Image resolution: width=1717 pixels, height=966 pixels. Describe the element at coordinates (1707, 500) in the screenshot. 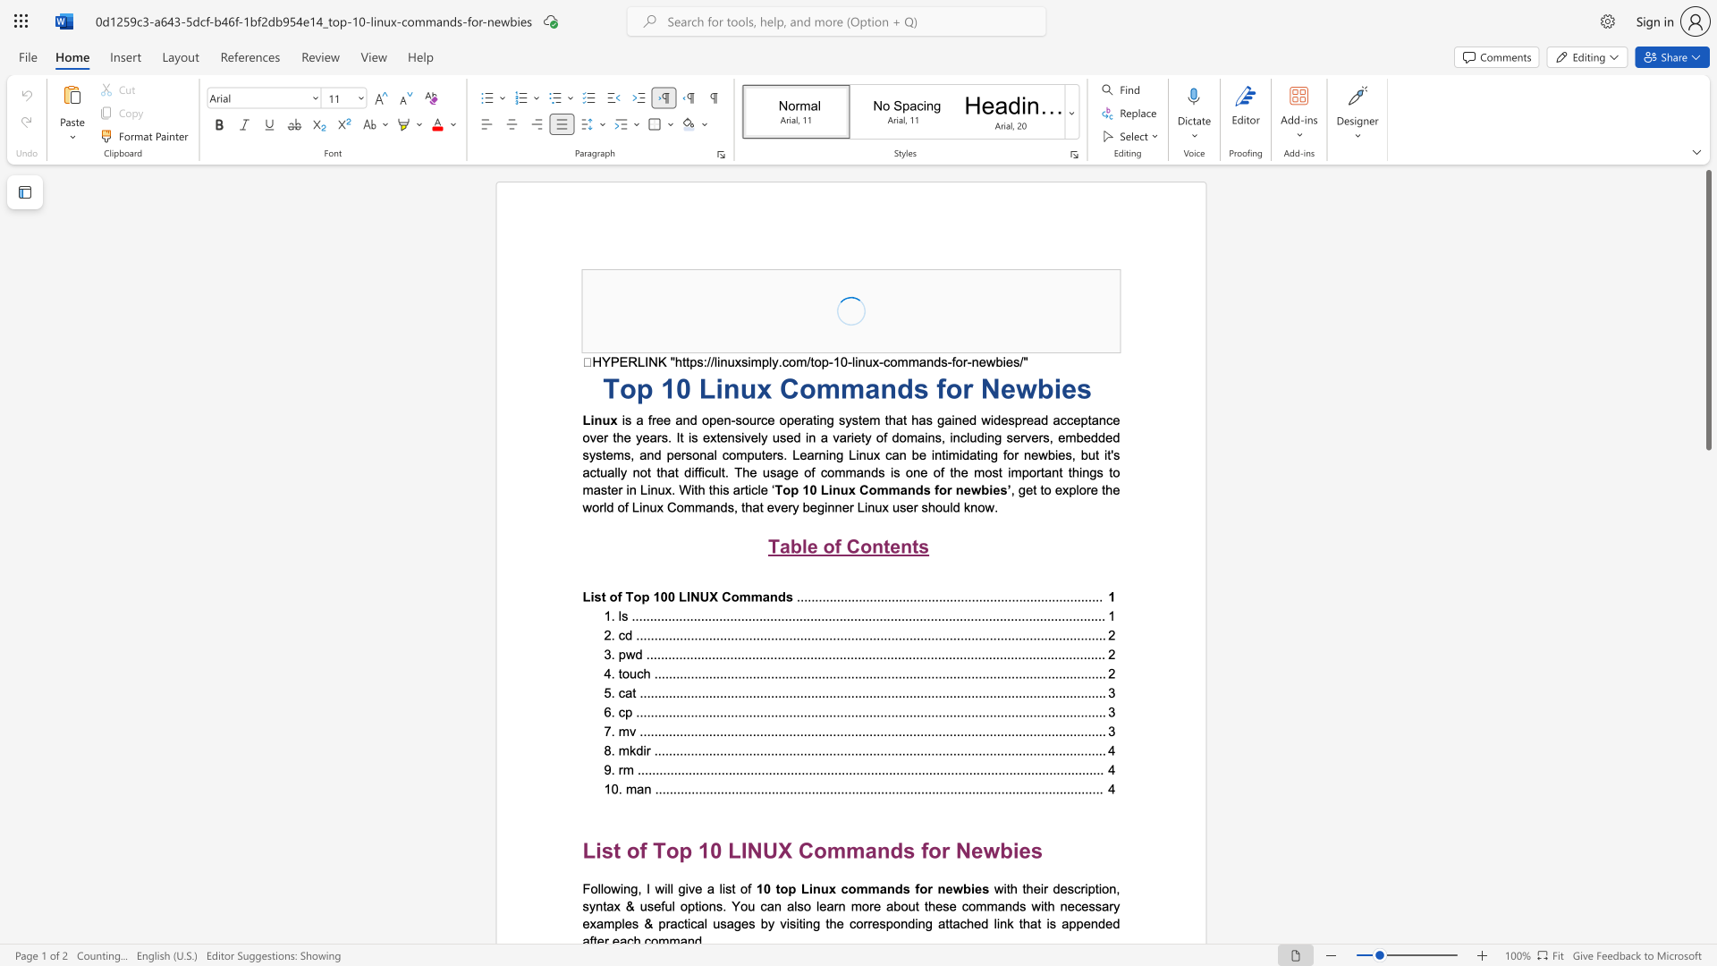

I see `the scrollbar on the right to shift the page lower` at that location.